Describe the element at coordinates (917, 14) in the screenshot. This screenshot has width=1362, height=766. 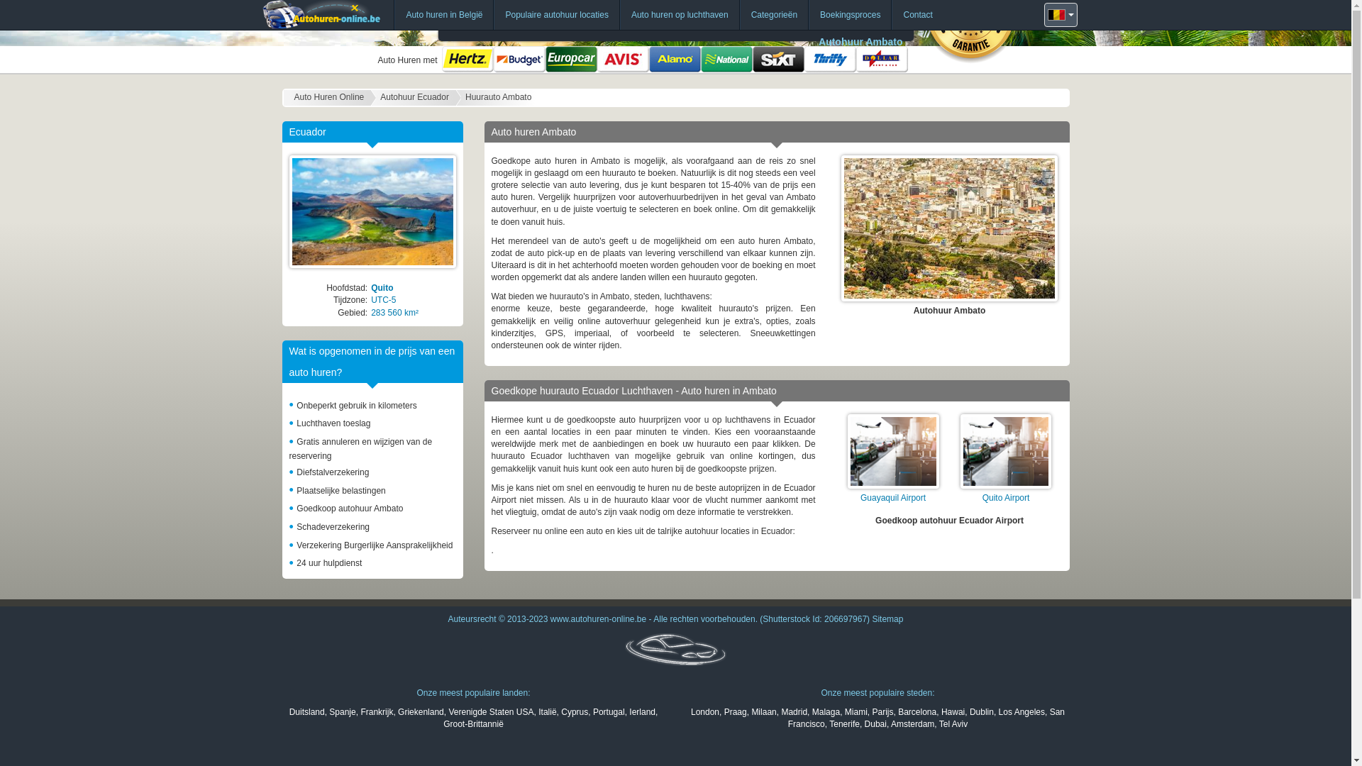
I see `'Contact'` at that location.